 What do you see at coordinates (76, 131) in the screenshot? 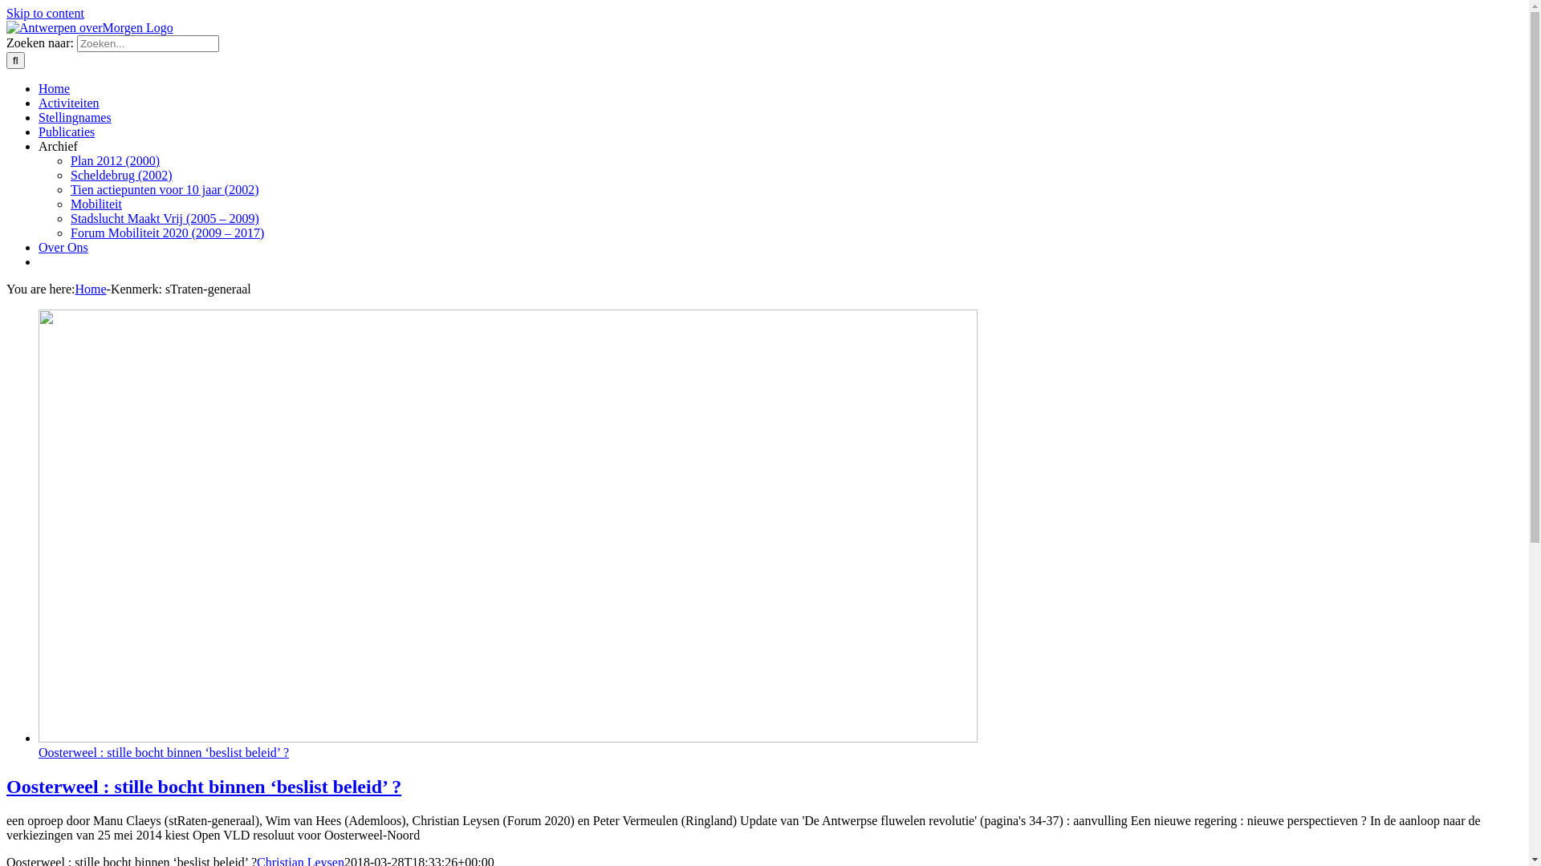
I see `'Publicaties'` at bounding box center [76, 131].